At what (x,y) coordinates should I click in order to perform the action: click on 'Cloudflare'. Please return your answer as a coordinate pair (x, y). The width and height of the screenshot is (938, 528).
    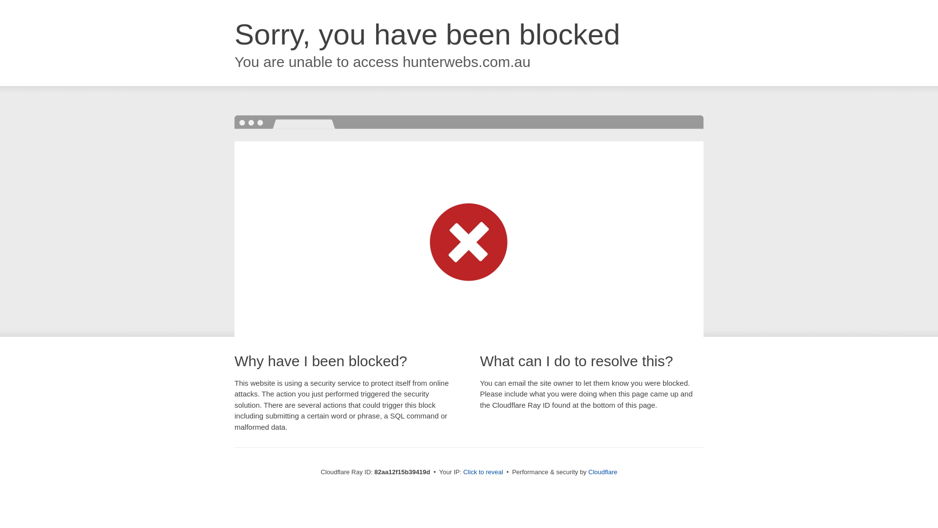
    Looking at the image, I should click on (602, 471).